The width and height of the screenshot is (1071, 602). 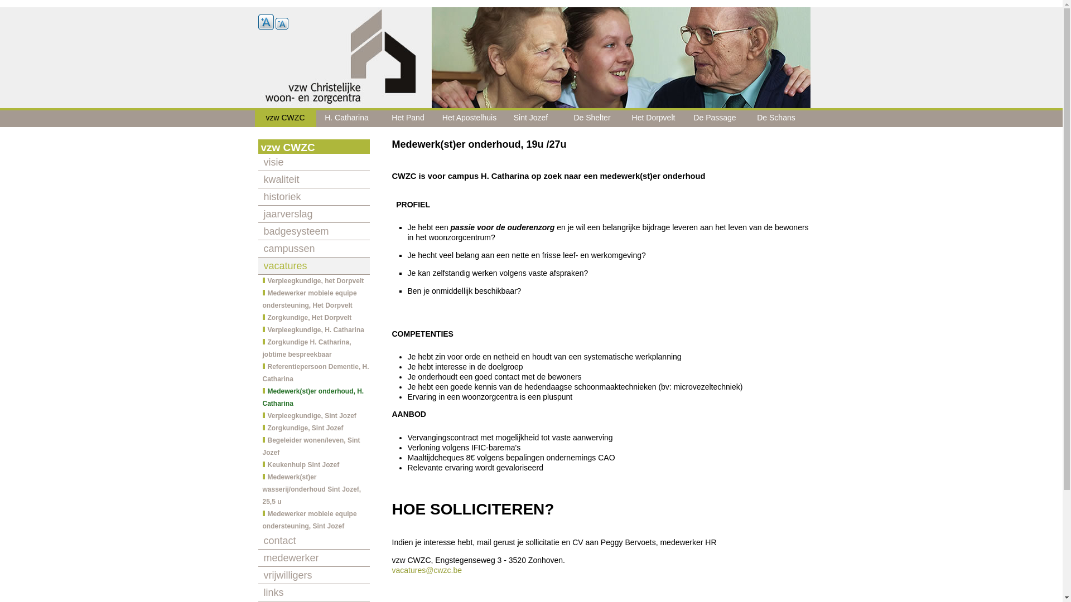 I want to click on 'vrijwilligers', so click(x=257, y=575).